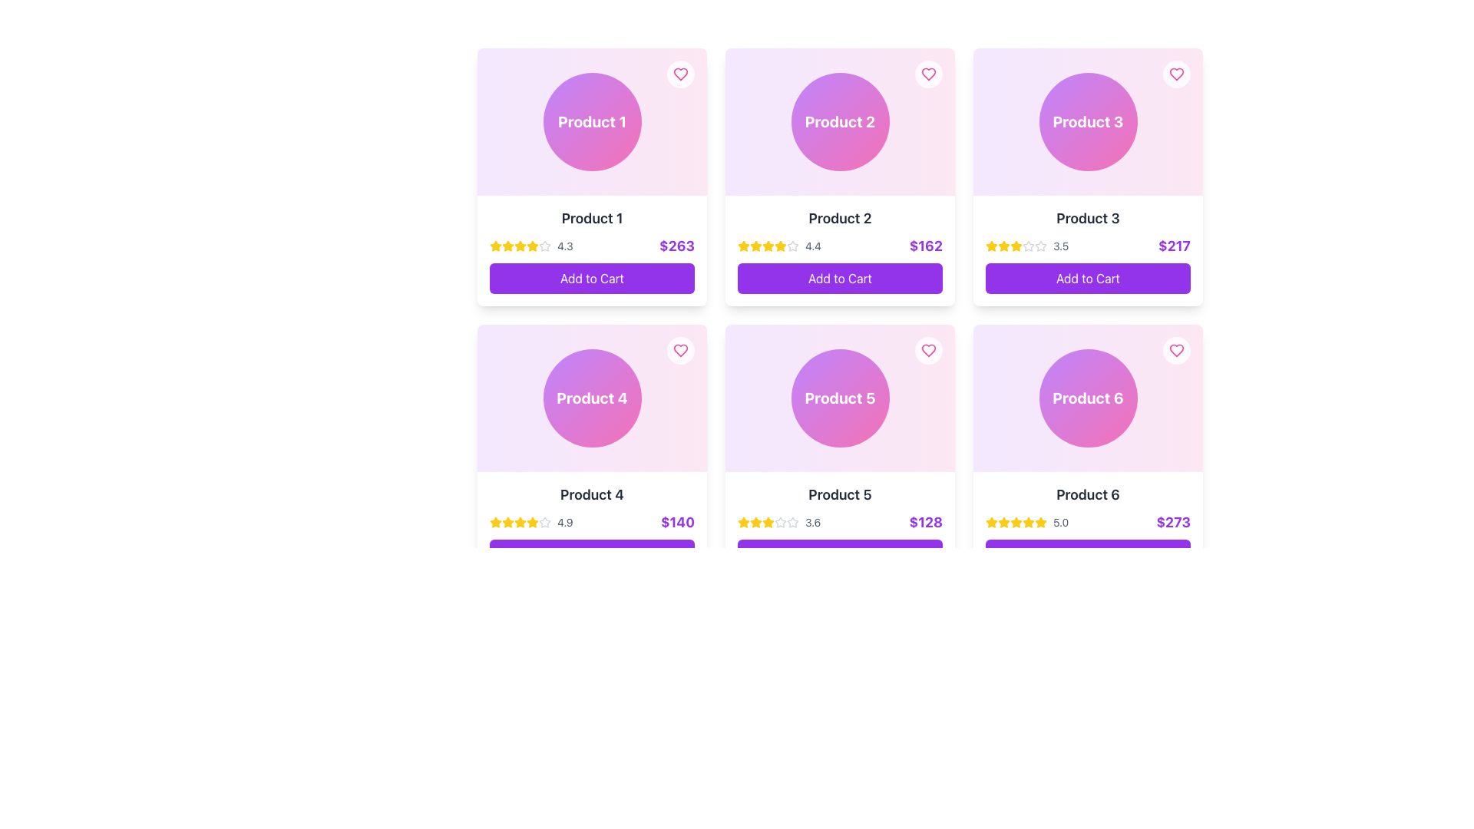 This screenshot has width=1474, height=829. I want to click on the third star icon in the rating section of the 'Product 3' card to interact with the rating indicator, so click(991, 245).